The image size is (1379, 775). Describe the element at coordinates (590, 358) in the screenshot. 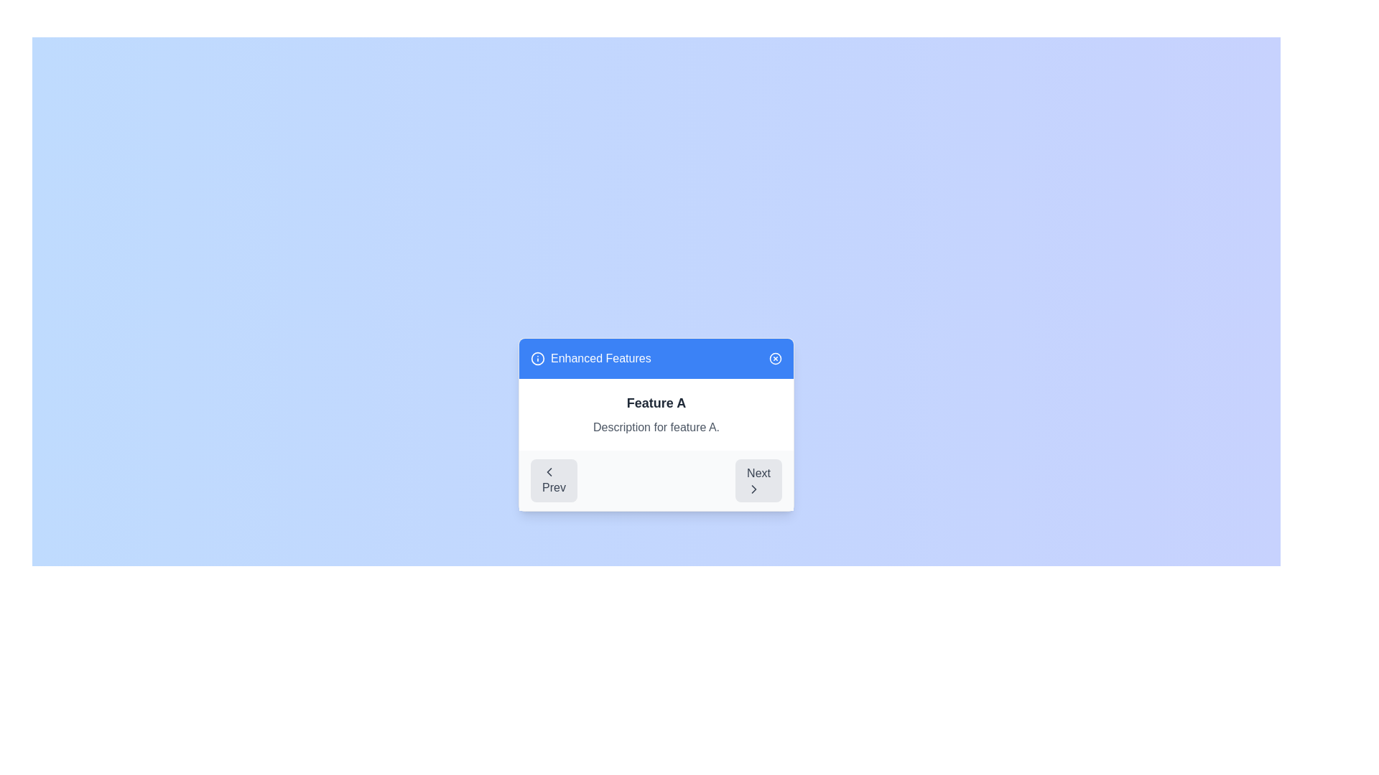

I see `text of the label displaying 'Enhanced Features' which is styled in white against a blue background, located in the header section of a rectangular card UI component` at that location.